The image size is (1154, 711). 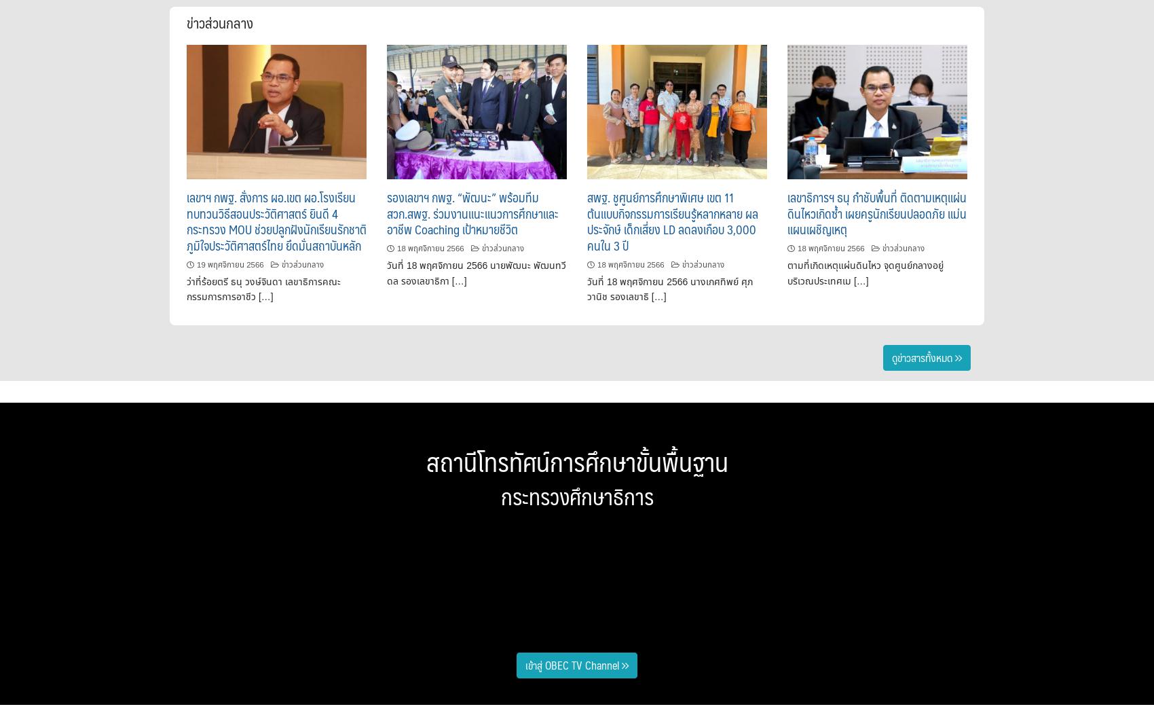 I want to click on 'พิธีถวายผ้าพระกฐินพระราชทาน ประจำปี 2566 สำนักงานคณะกรรมการการศึกษาขั้นพื้นฐาน', so click(x=282, y=519).